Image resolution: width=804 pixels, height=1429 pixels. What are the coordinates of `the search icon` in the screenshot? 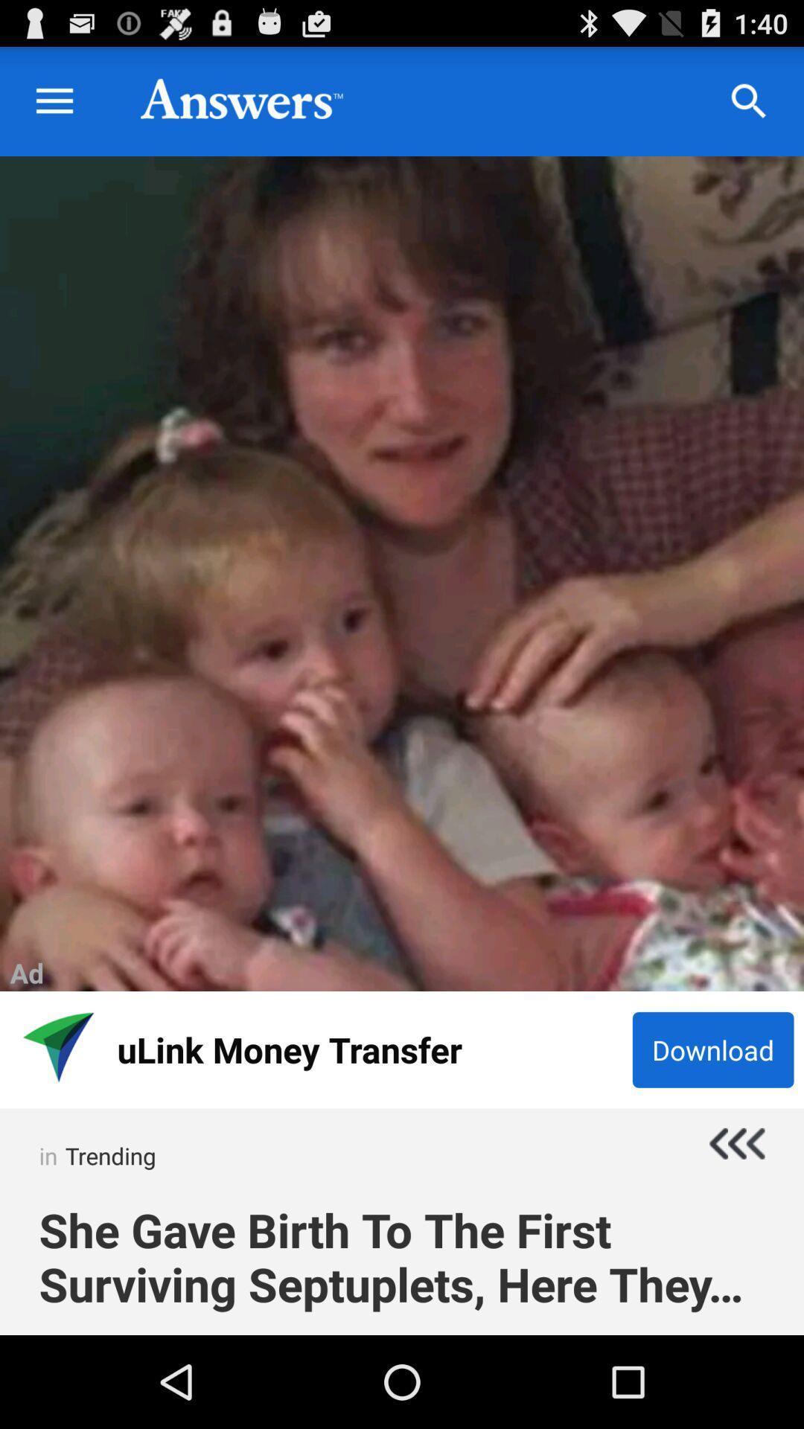 It's located at (749, 108).